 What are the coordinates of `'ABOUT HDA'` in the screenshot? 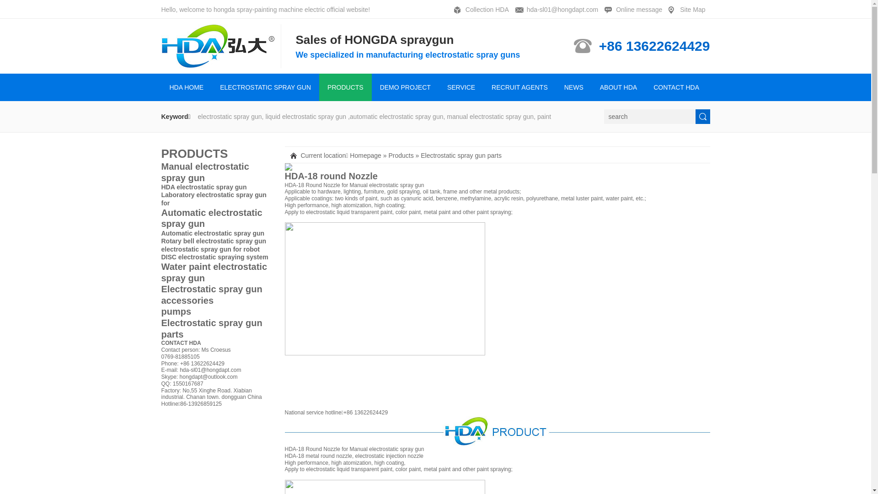 It's located at (618, 87).